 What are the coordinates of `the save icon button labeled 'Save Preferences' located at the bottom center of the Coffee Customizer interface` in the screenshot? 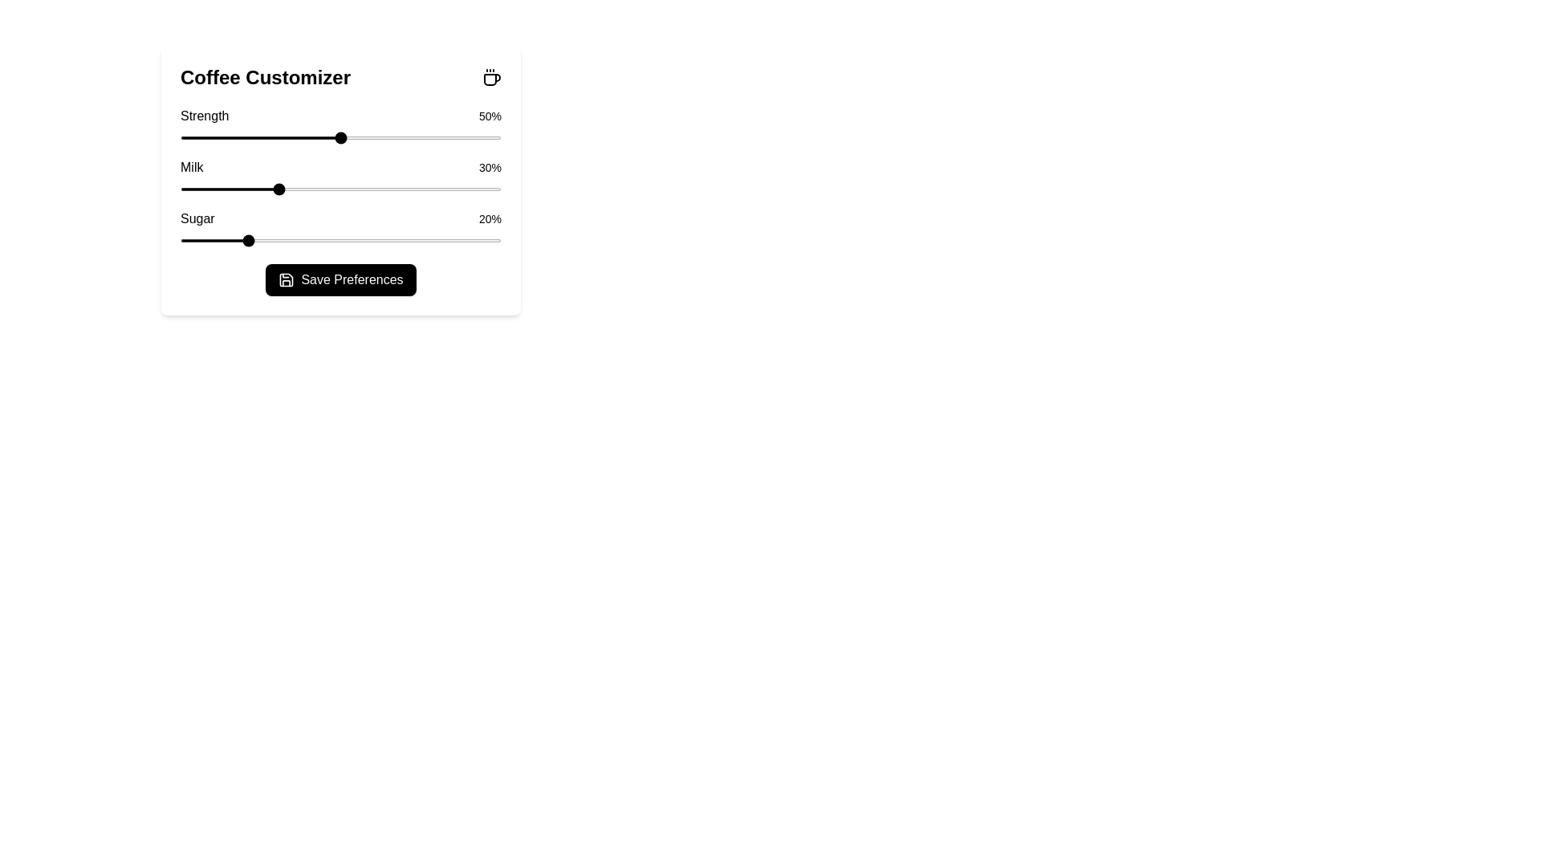 It's located at (287, 279).